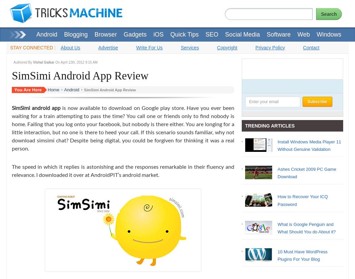  I want to click on 'SimSimi android app', so click(36, 107).